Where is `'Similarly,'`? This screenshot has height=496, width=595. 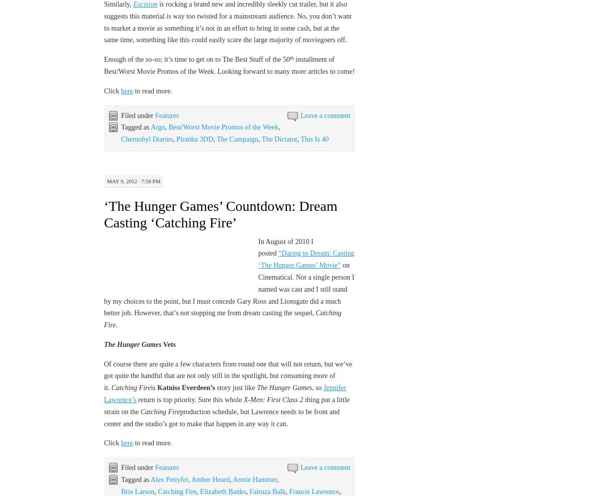
'Similarly,' is located at coordinates (118, 3).